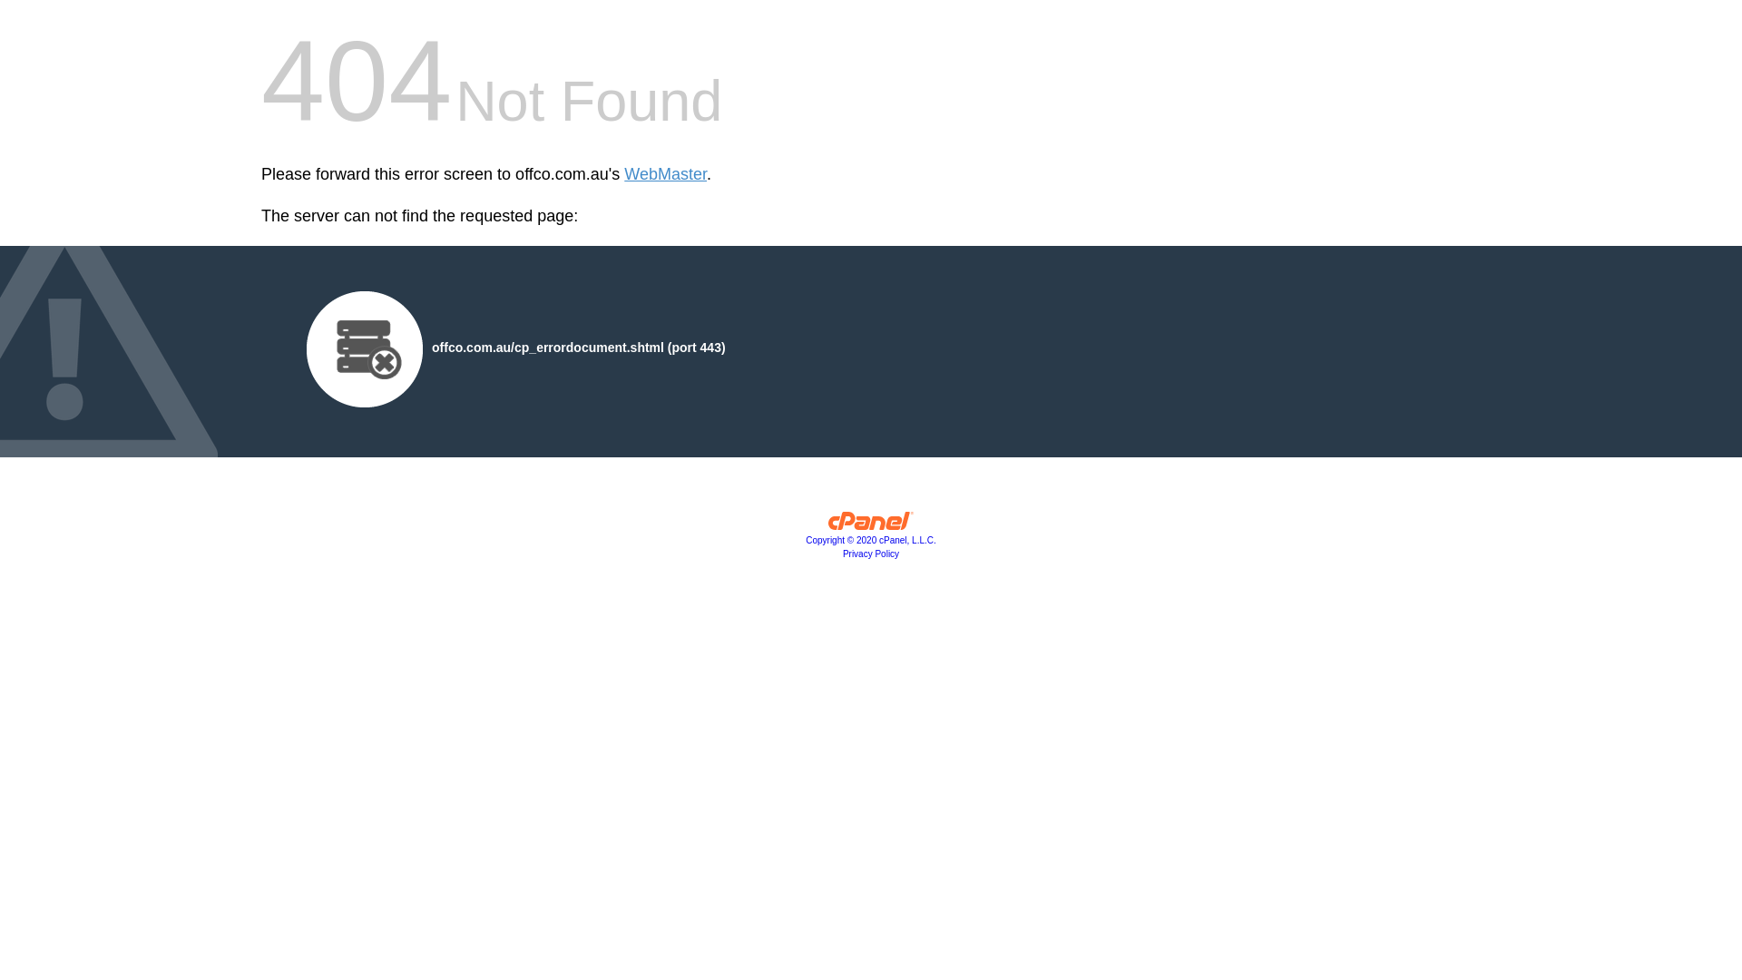  I want to click on 'WebMaster', so click(664, 174).